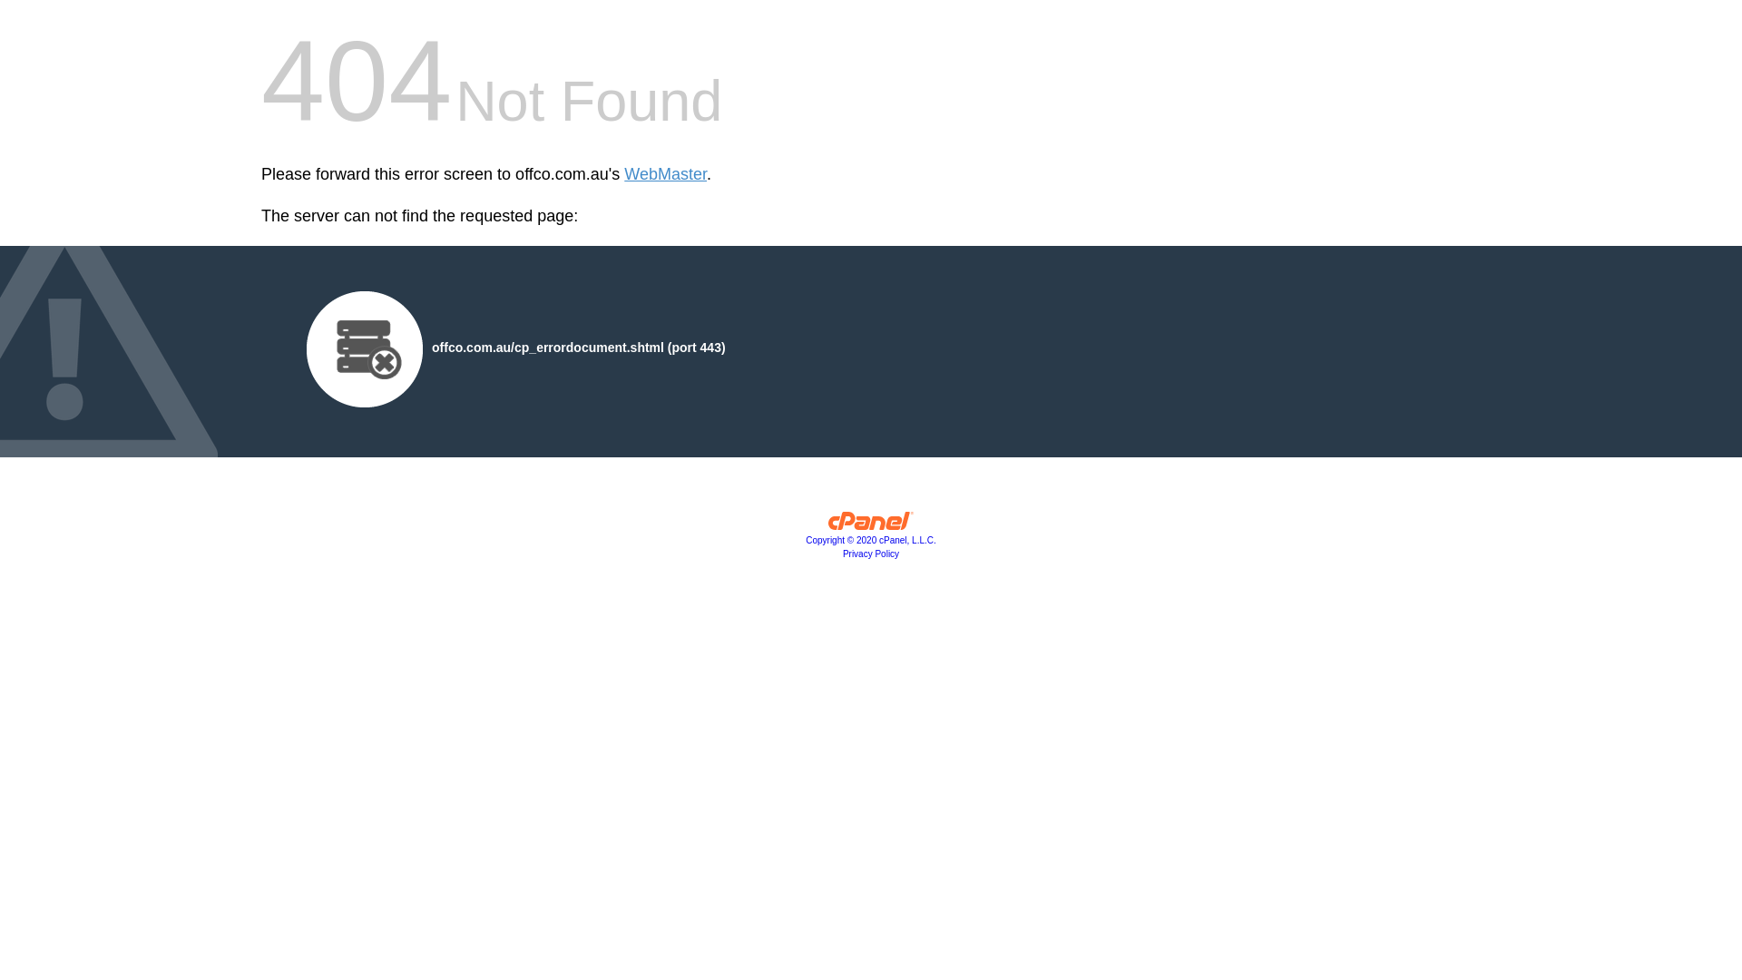  I want to click on 'WebMaster', so click(664, 174).